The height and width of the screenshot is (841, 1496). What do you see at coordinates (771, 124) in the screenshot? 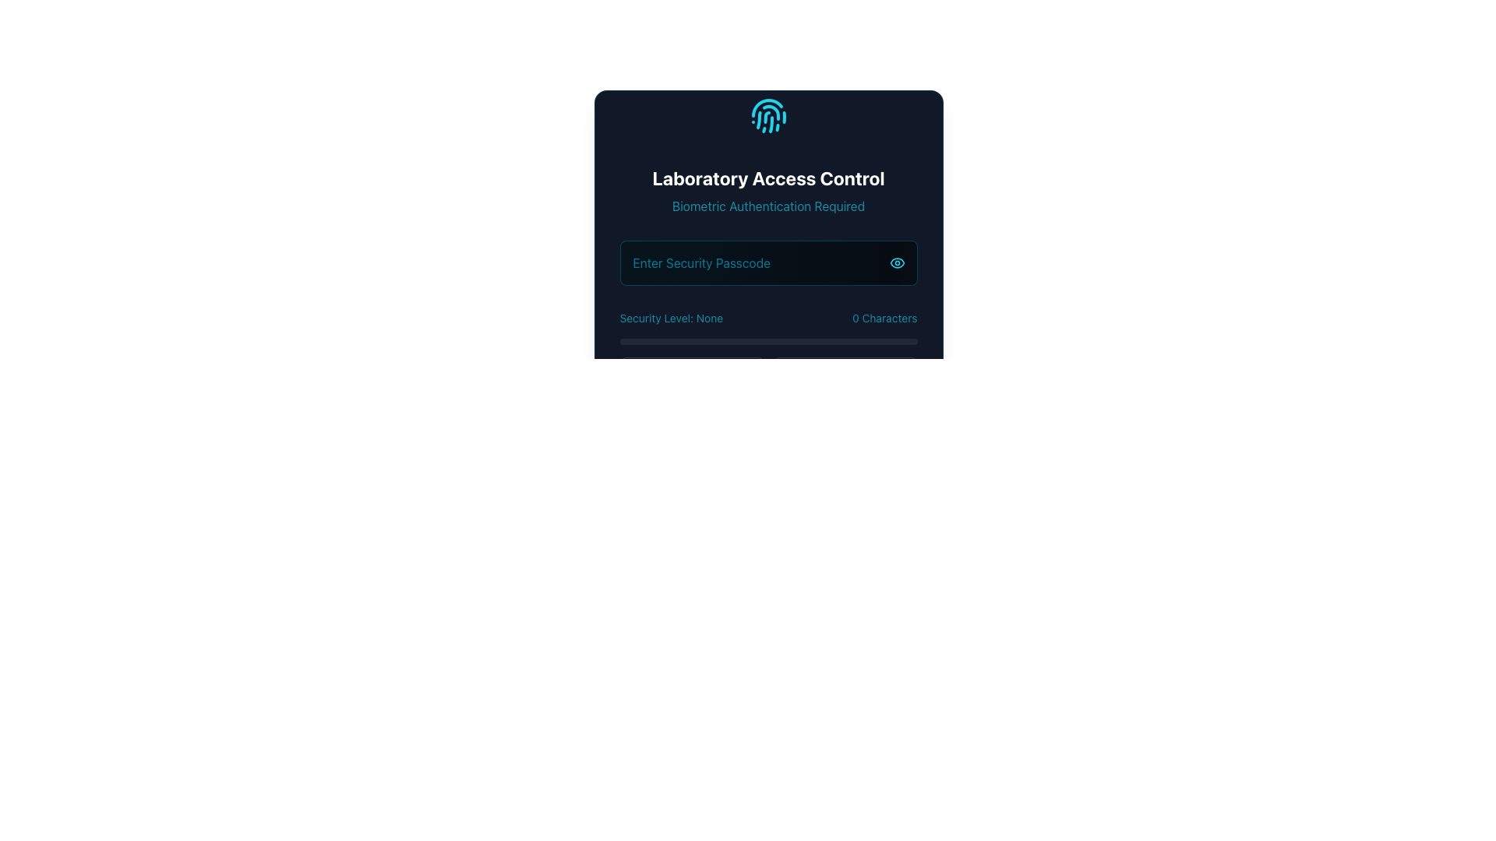
I see `the lower middle segment of the fingerprint icon, which is outlined and non-filled, located above the text 'Laboratory Access Control'` at bounding box center [771, 124].